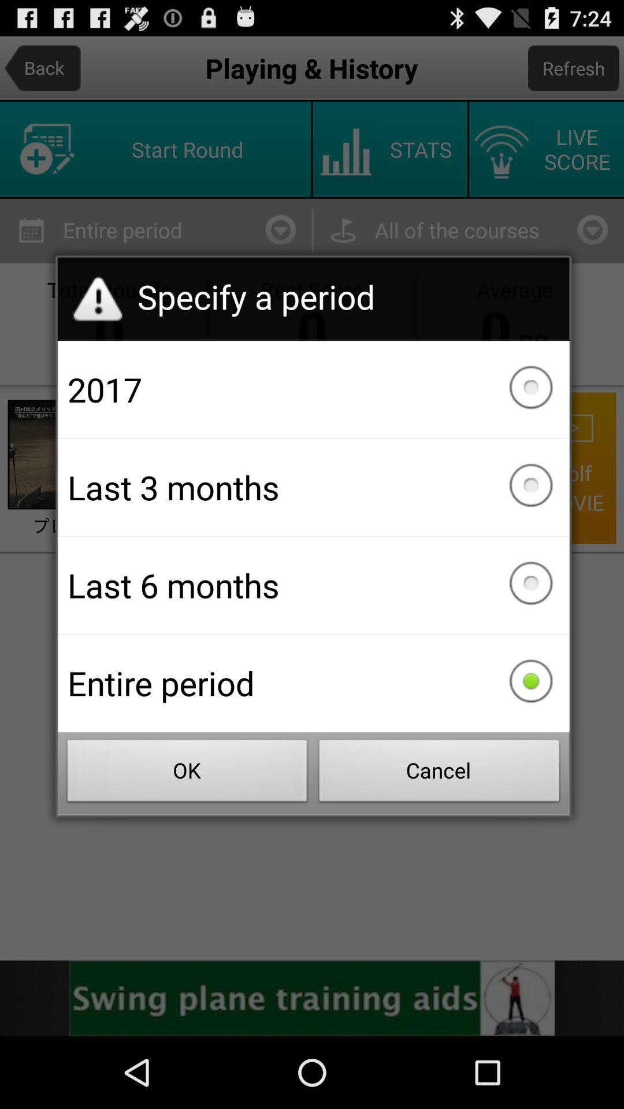  Describe the element at coordinates (187, 774) in the screenshot. I see `ok button` at that location.